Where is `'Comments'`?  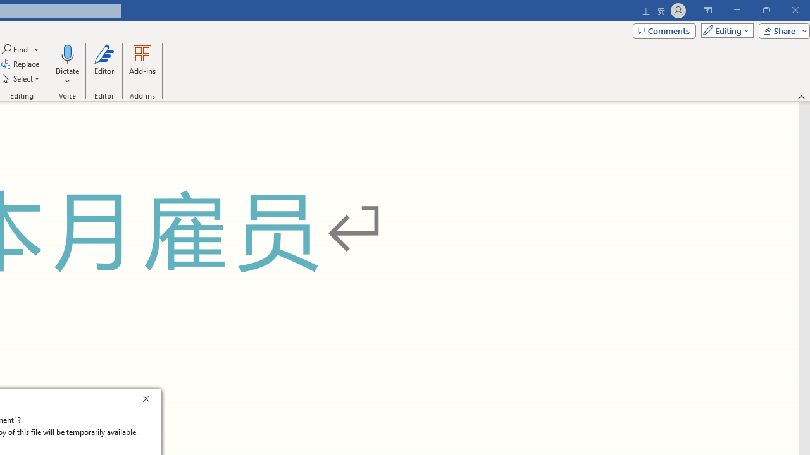 'Comments' is located at coordinates (663, 30).